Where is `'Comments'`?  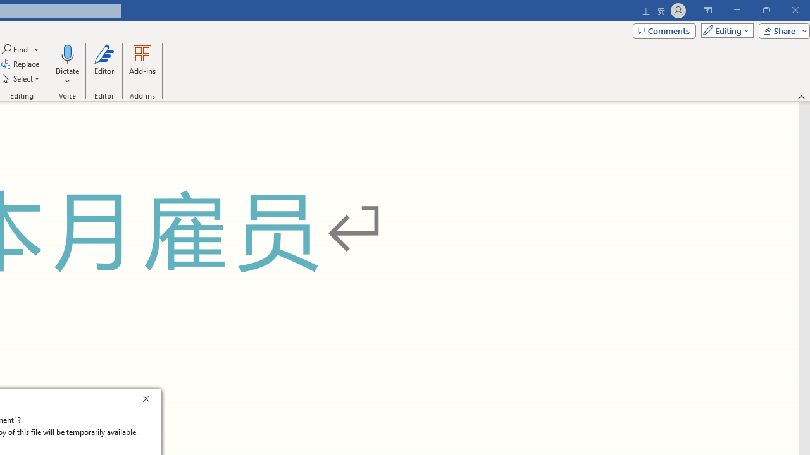 'Comments' is located at coordinates (663, 30).